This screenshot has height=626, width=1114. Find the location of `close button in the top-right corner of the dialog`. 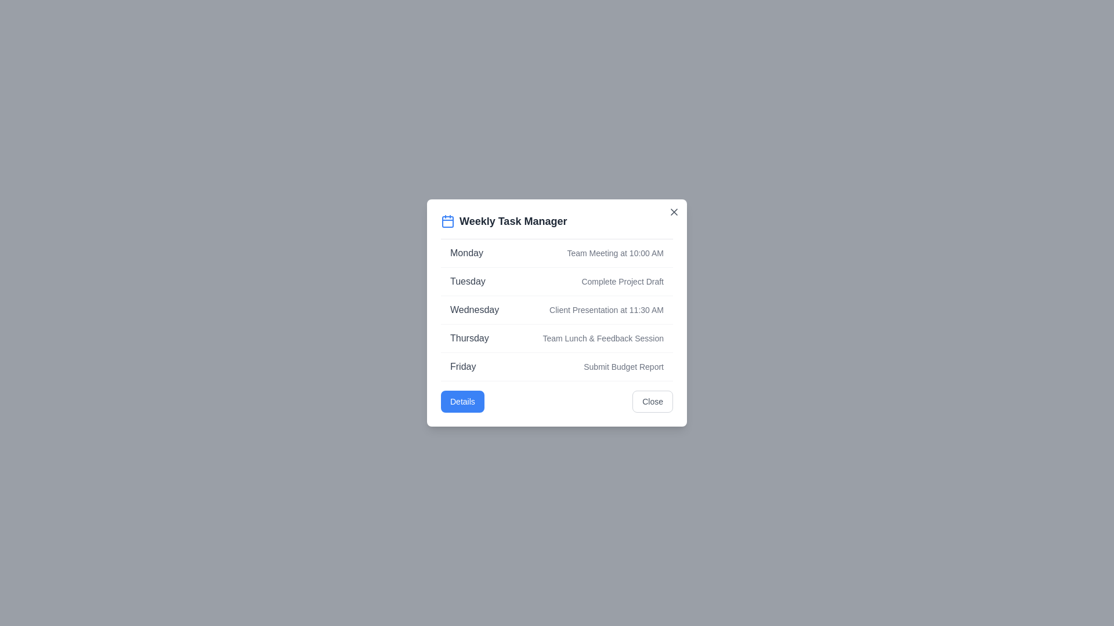

close button in the top-right corner of the dialog is located at coordinates (674, 212).